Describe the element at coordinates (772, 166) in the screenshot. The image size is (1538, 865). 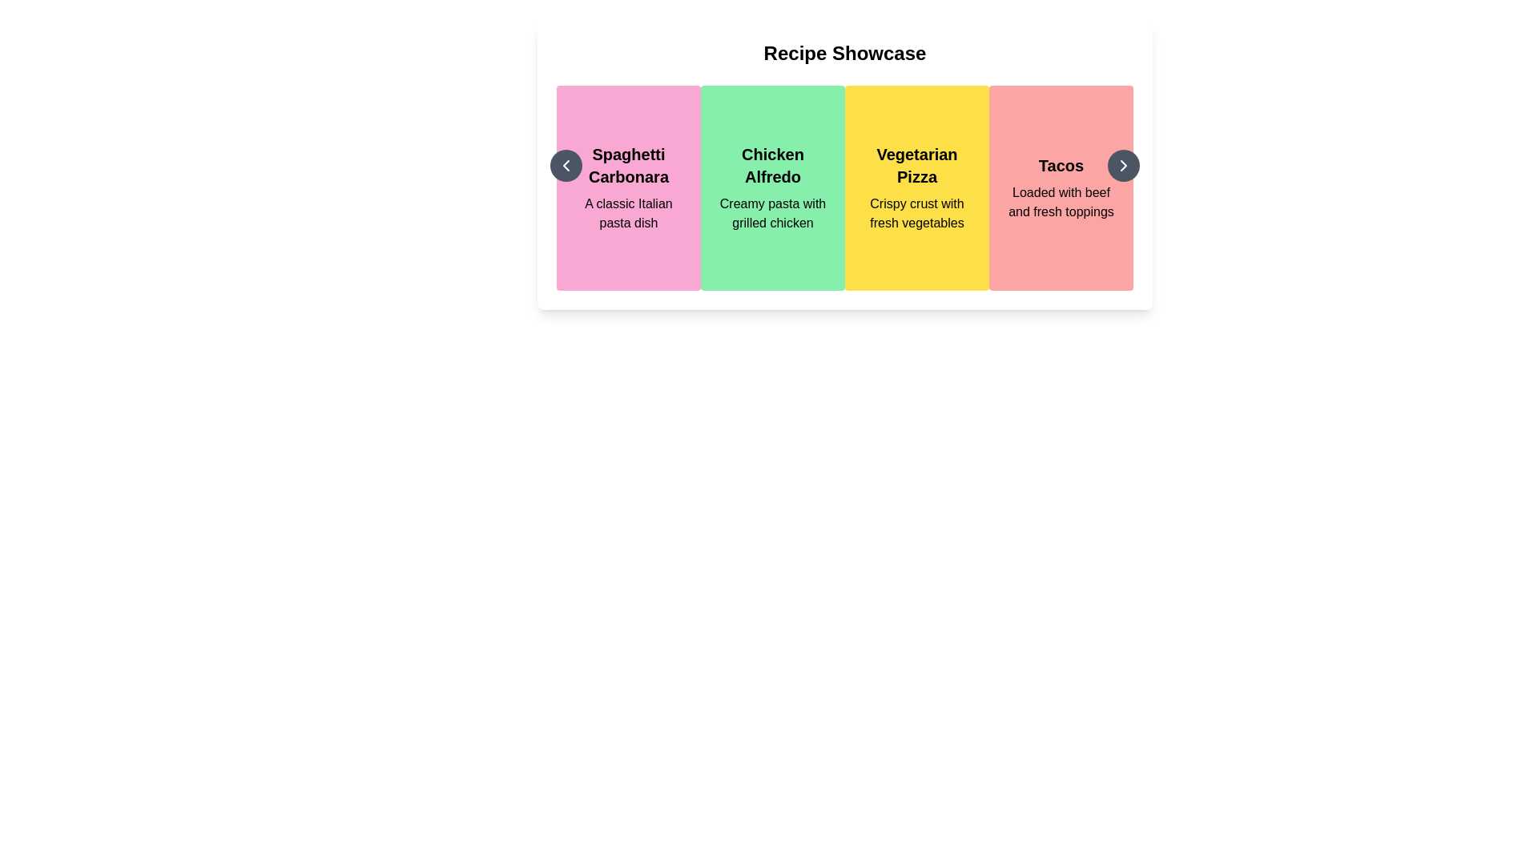
I see `the bold, large-sized text displaying 'Chicken Alfredo' which is centrally placed within the green rectangle of the second card in the Recipe Showcase` at that location.